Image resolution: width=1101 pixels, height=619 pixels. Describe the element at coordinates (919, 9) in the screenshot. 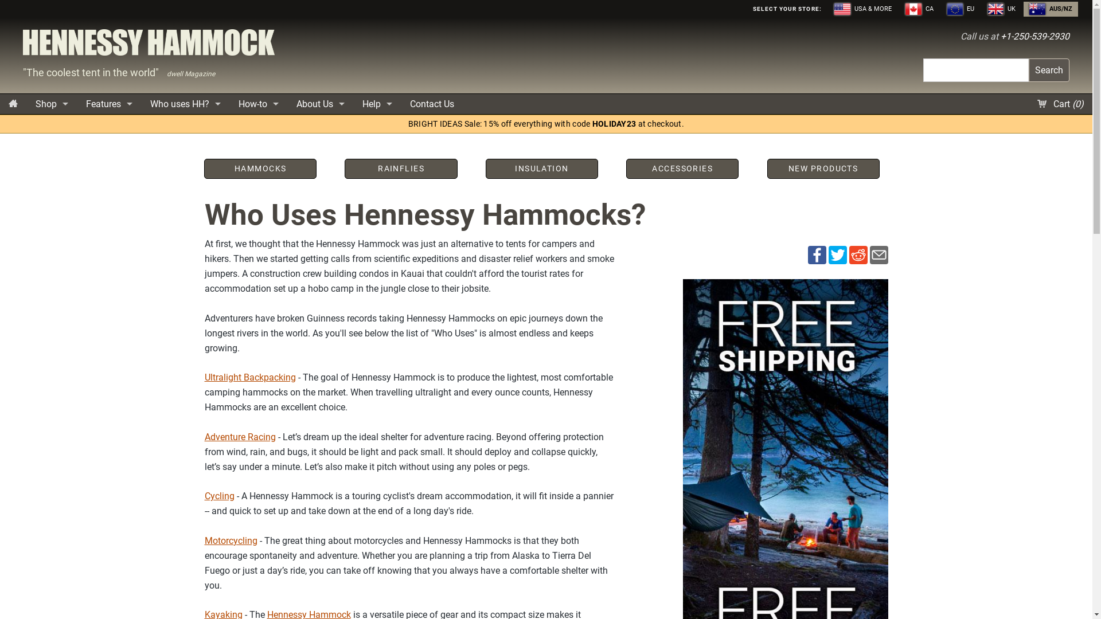

I see `'CA'` at that location.